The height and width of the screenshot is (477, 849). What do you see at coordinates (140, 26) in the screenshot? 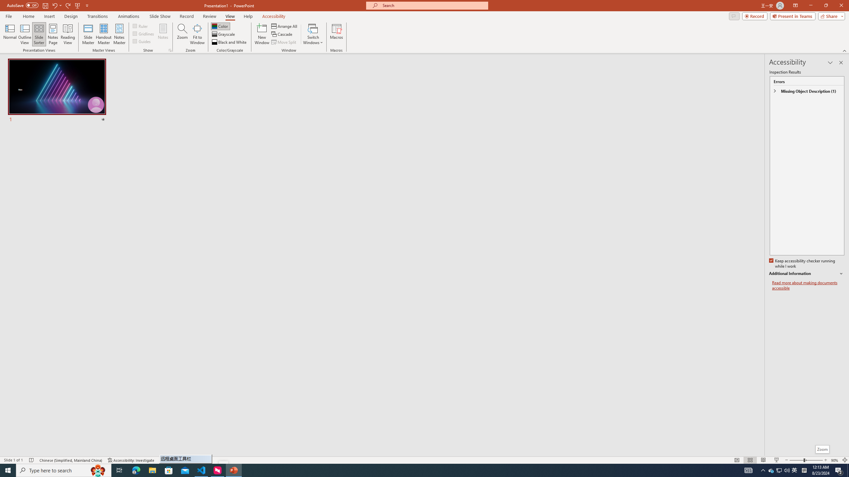
I see `'Ruler'` at bounding box center [140, 26].